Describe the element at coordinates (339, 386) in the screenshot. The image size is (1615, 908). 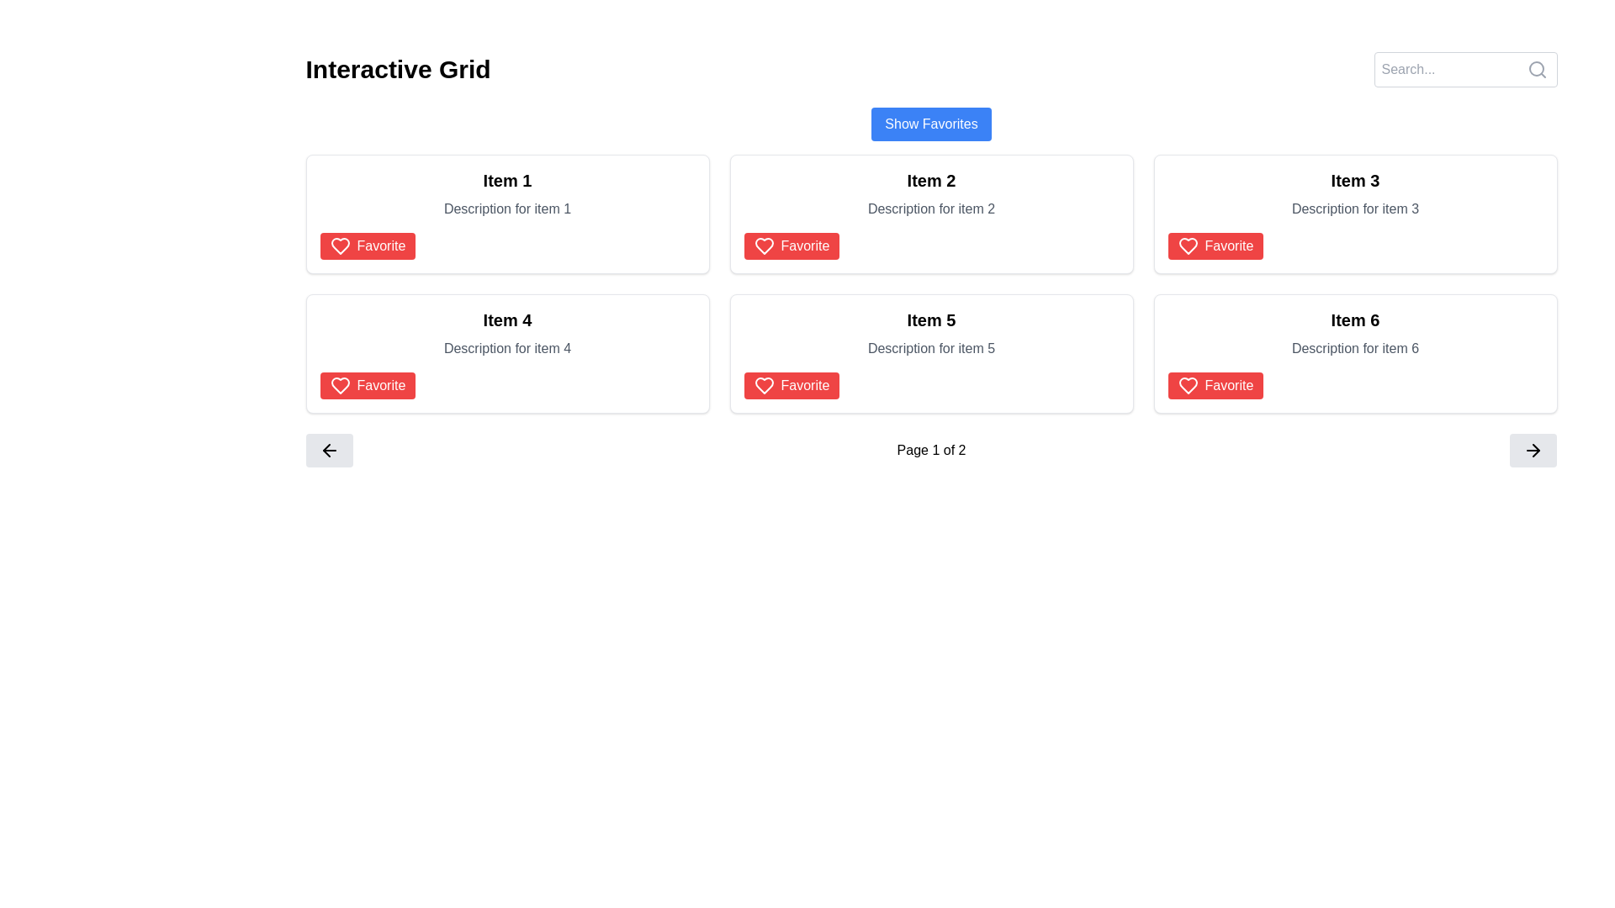
I see `the red heart icon within the 'Favorite' button located in the bottom left corner of 'Item 4' card` at that location.